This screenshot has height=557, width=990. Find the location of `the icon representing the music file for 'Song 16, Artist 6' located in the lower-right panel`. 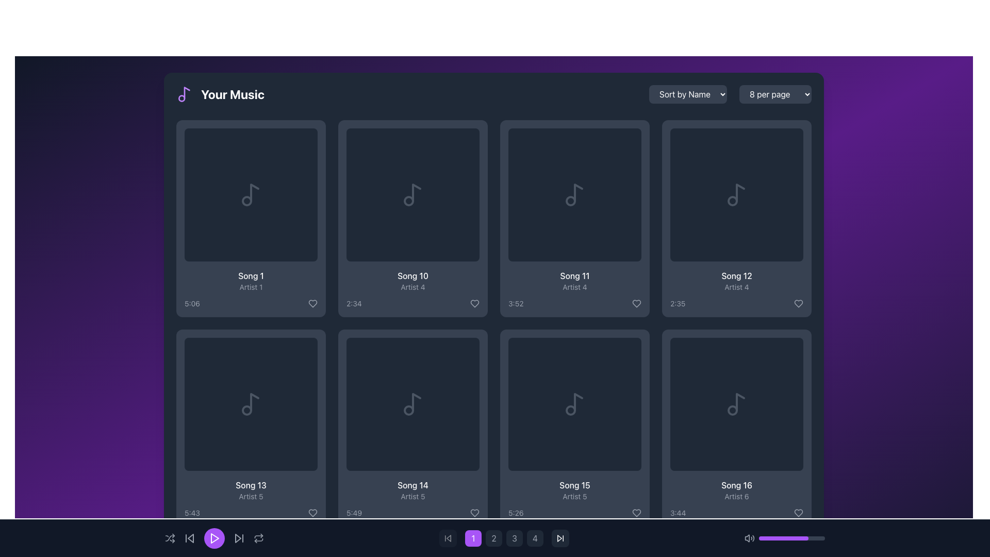

the icon representing the music file for 'Song 16, Artist 6' located in the lower-right panel is located at coordinates (736, 403).